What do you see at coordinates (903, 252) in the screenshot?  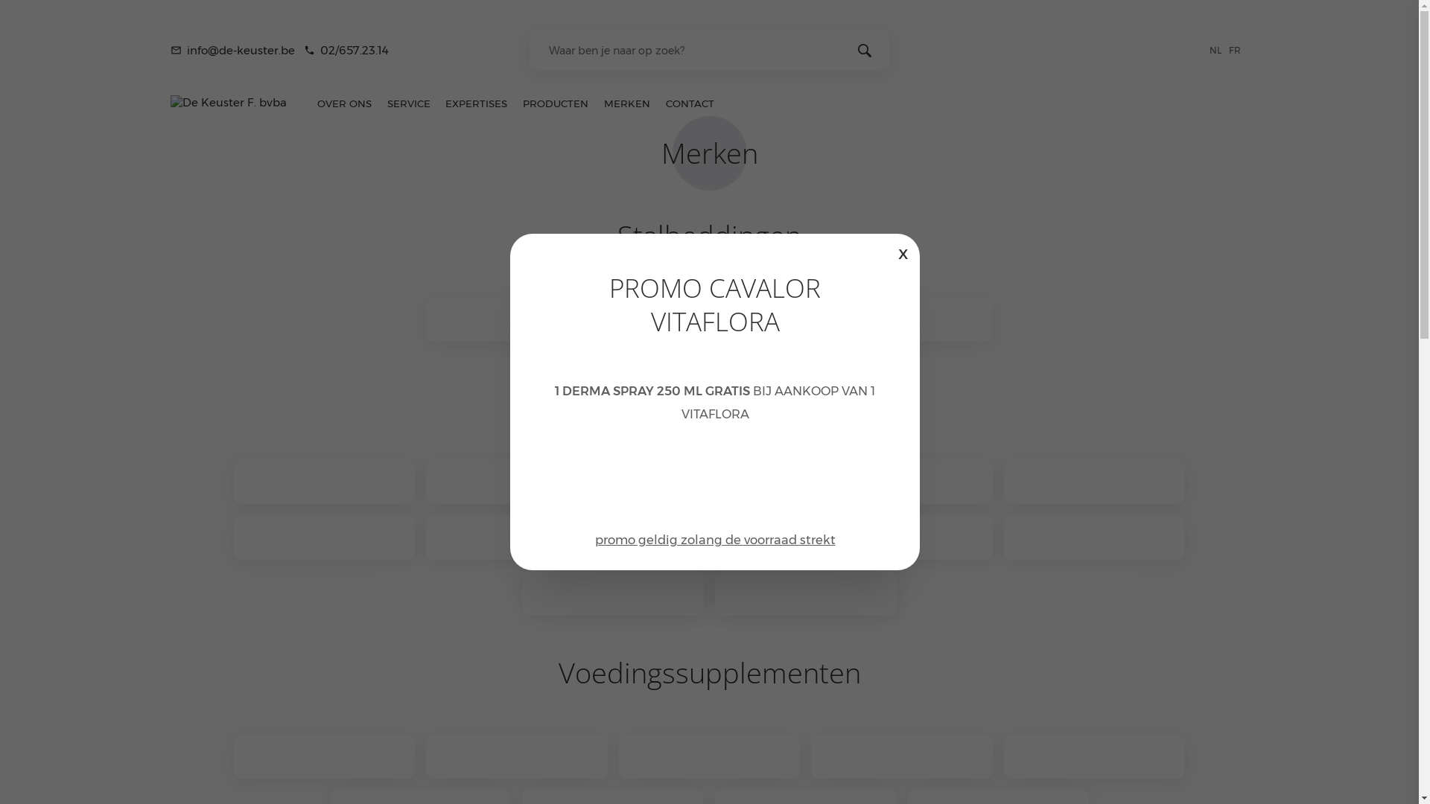 I see `'x'` at bounding box center [903, 252].